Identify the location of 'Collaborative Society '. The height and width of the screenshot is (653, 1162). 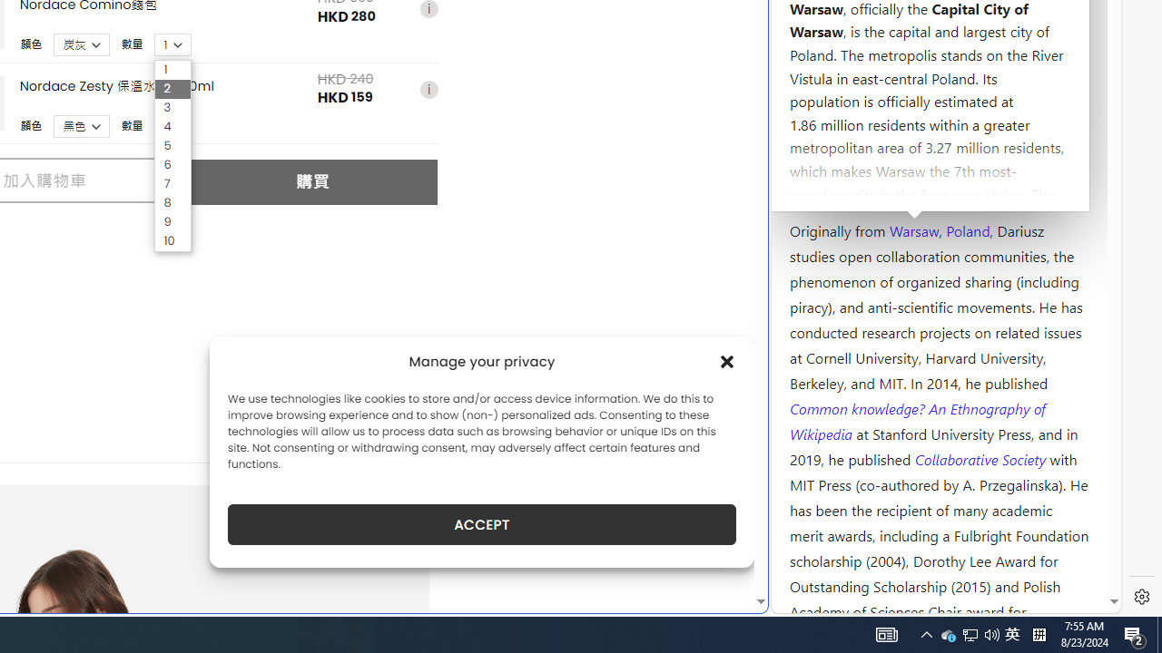
(981, 457).